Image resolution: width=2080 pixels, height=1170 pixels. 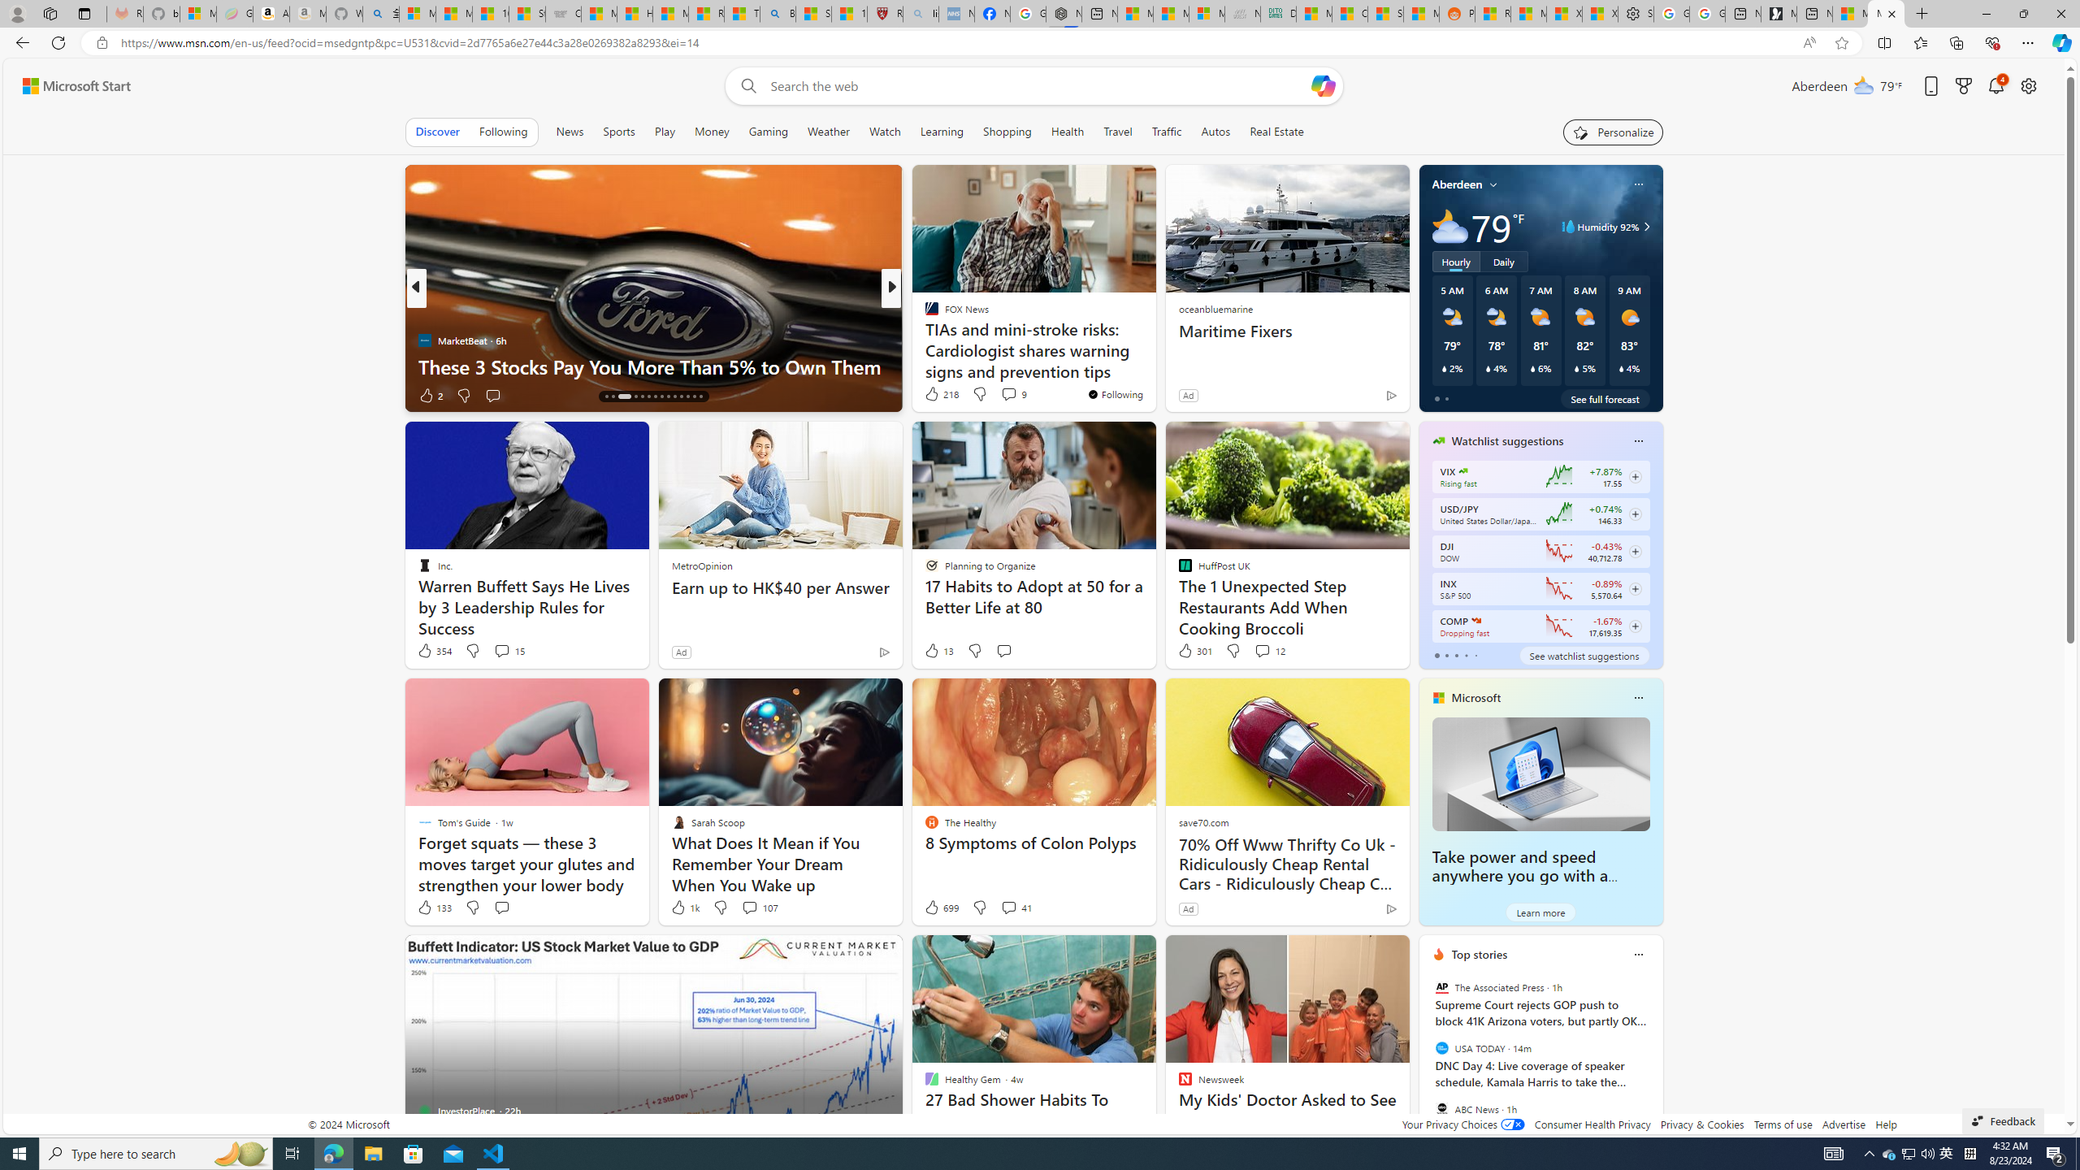 What do you see at coordinates (1202, 821) in the screenshot?
I see `'save70.com'` at bounding box center [1202, 821].